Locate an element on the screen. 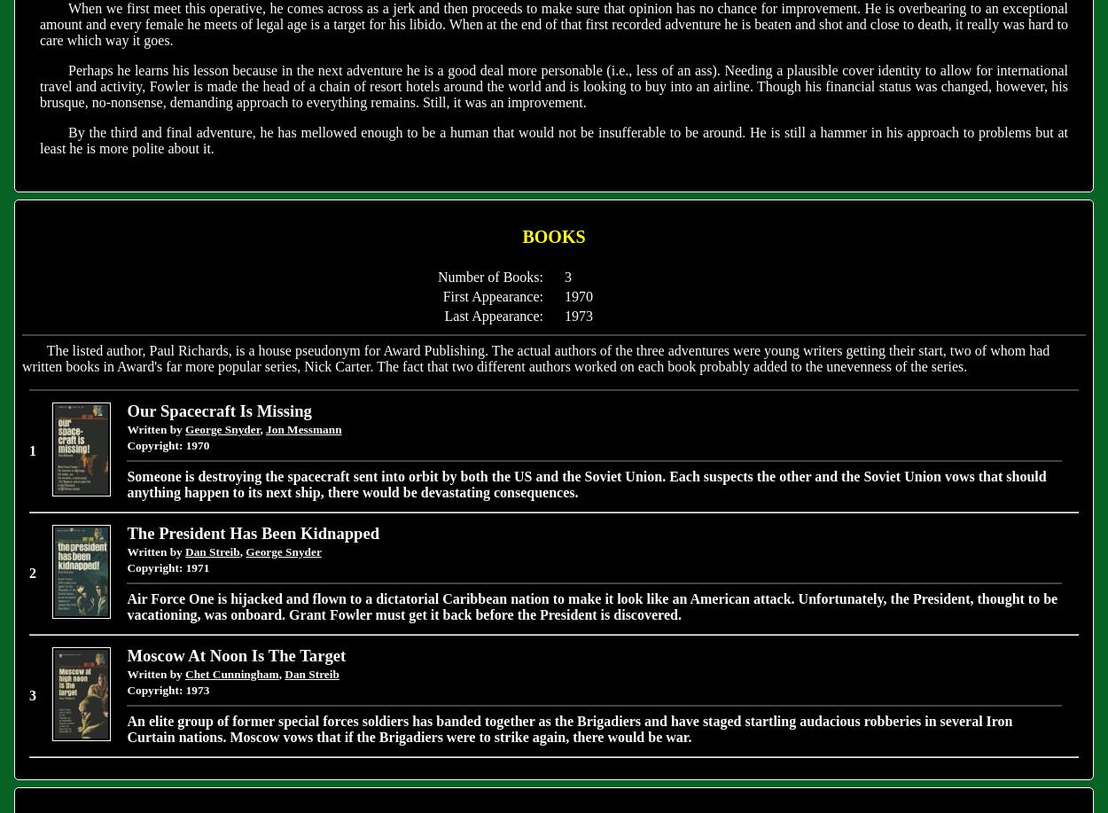  'Copyright: 1970' is located at coordinates (167, 443).